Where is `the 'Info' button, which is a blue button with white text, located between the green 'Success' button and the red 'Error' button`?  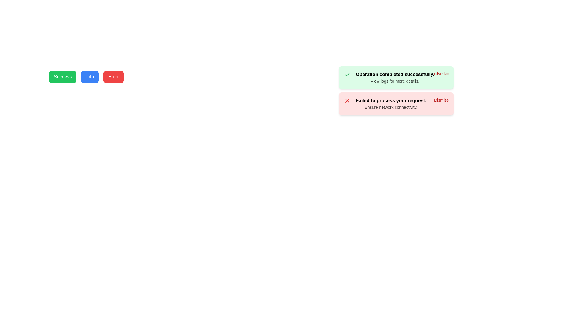 the 'Info' button, which is a blue button with white text, located between the green 'Success' button and the red 'Error' button is located at coordinates (90, 76).